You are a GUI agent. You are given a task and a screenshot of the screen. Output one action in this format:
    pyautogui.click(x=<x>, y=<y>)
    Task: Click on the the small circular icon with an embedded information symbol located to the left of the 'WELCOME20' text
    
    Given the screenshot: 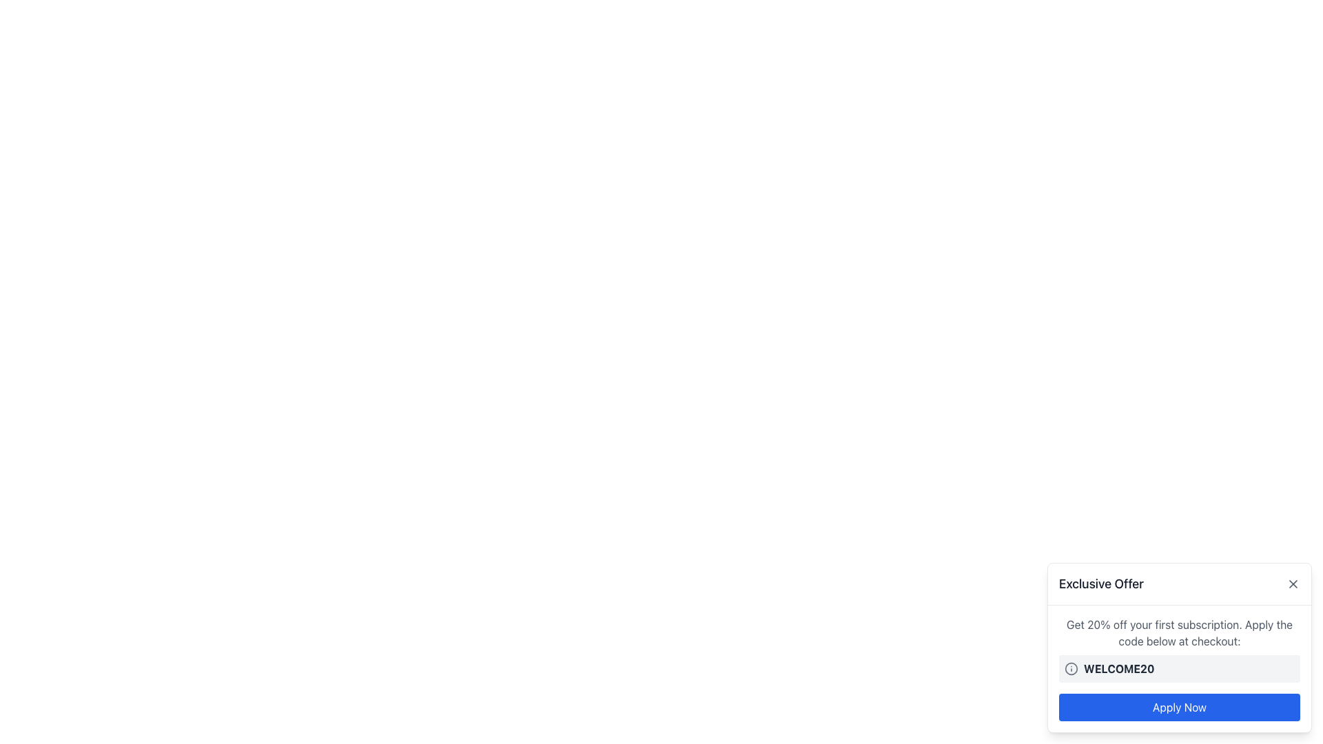 What is the action you would take?
    pyautogui.click(x=1071, y=668)
    